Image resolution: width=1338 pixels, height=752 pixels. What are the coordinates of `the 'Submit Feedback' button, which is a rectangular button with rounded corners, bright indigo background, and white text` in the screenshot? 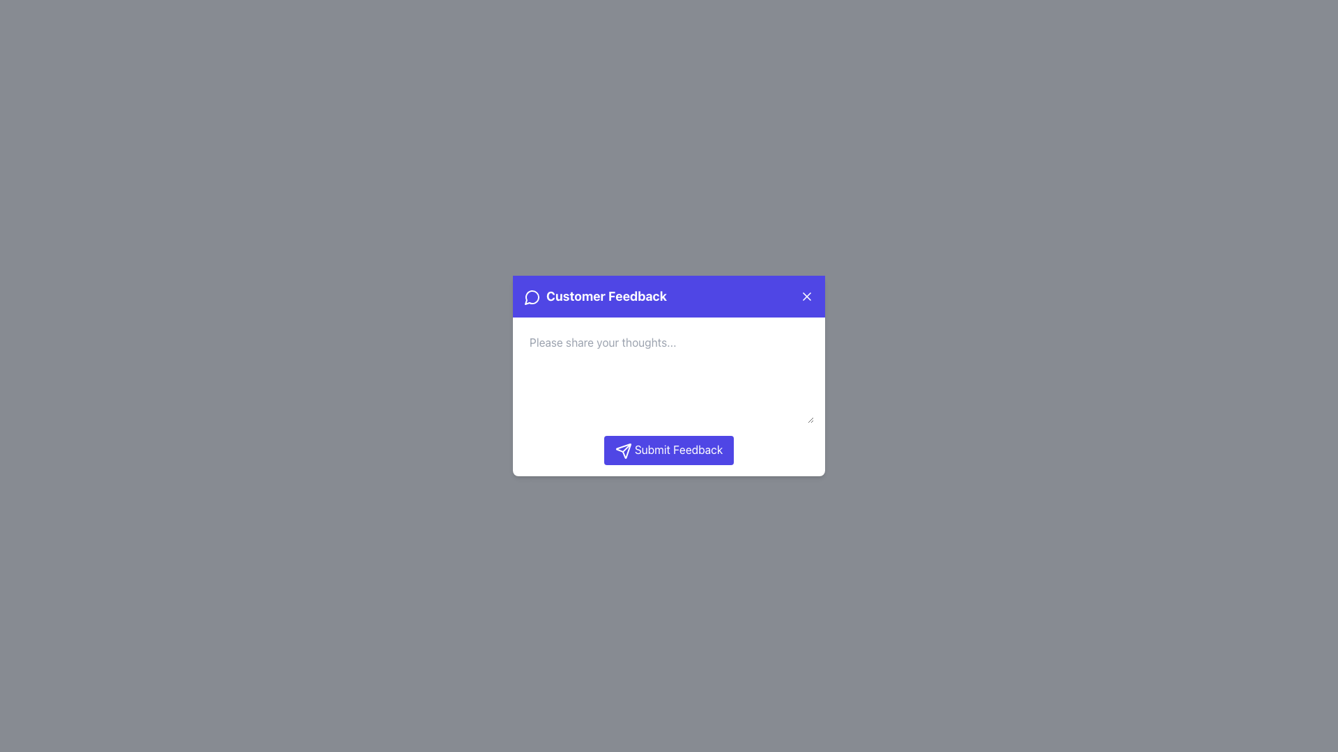 It's located at (669, 451).